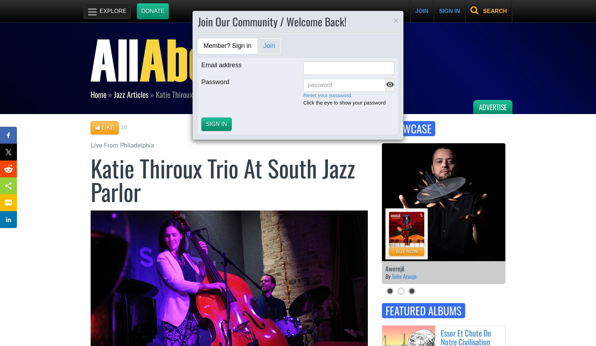 The height and width of the screenshot is (346, 596). I want to click on 'Tulio Araujo', so click(404, 276).